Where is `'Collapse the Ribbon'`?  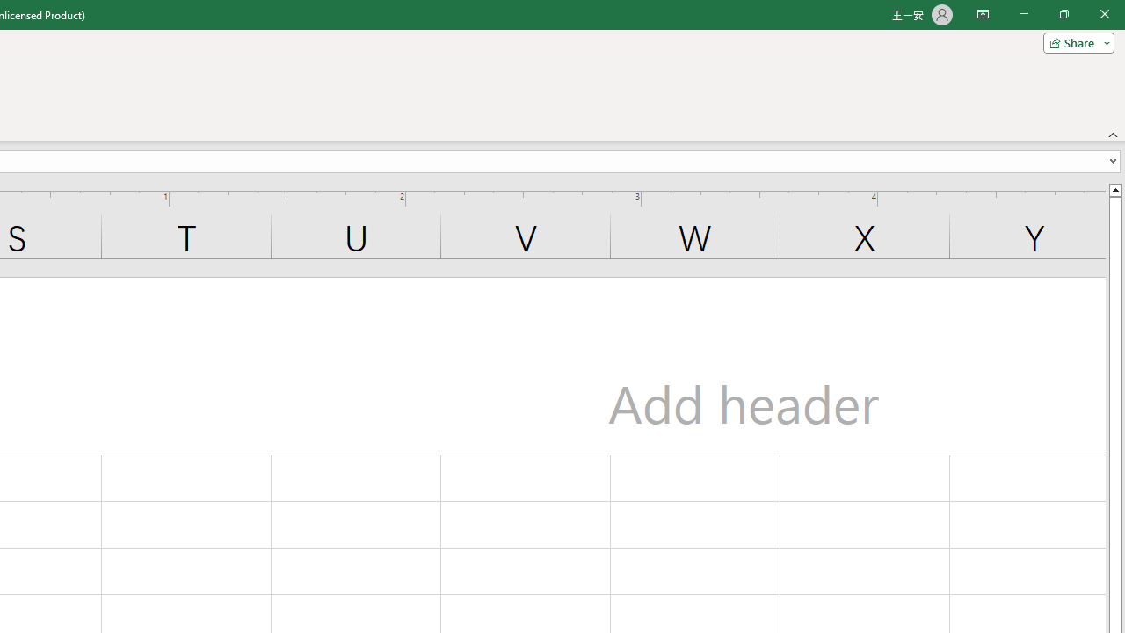
'Collapse the Ribbon' is located at coordinates (1113, 134).